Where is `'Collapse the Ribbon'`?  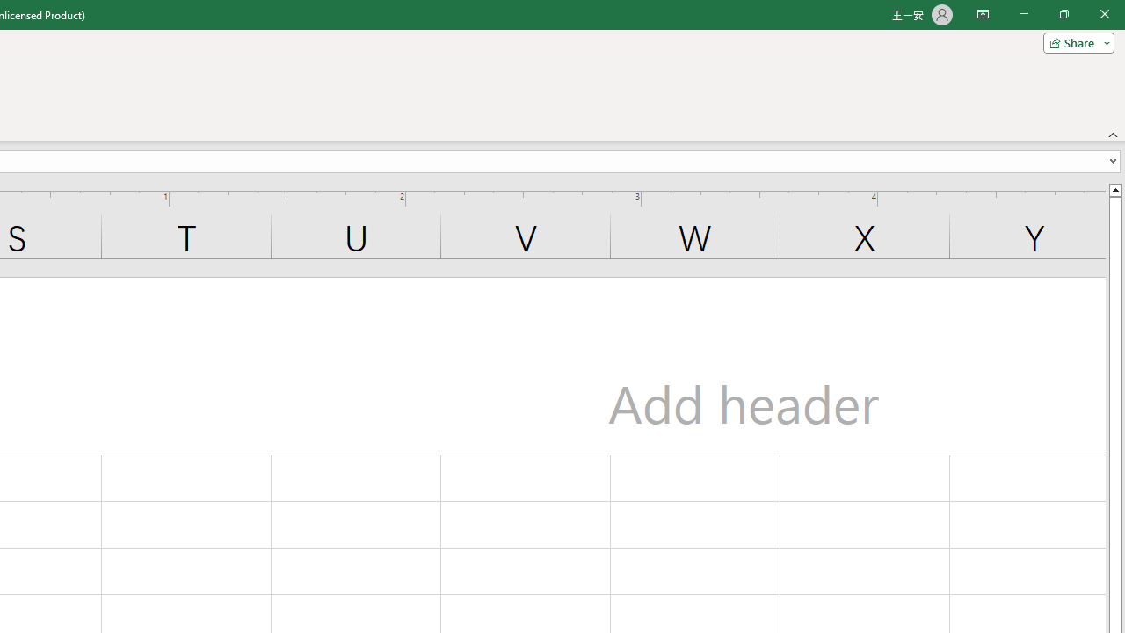
'Collapse the Ribbon' is located at coordinates (1113, 134).